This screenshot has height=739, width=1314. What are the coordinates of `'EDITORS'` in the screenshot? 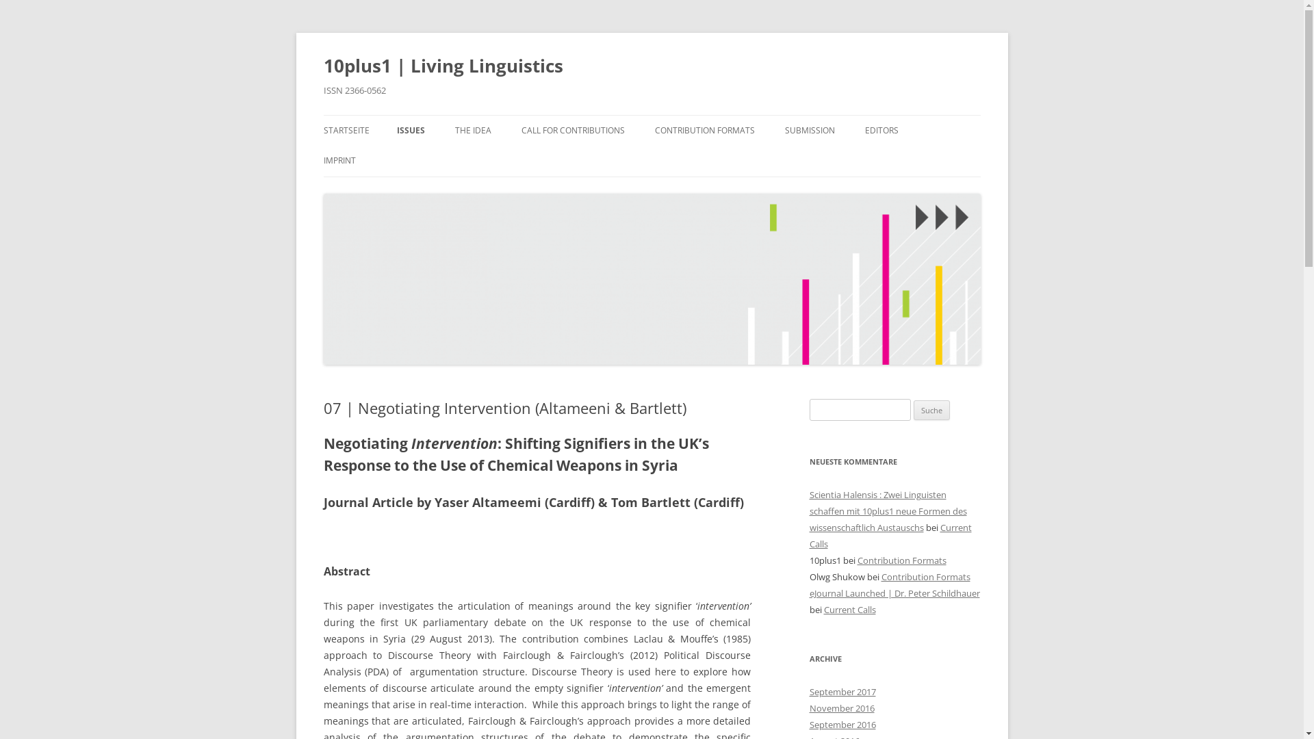 It's located at (881, 131).